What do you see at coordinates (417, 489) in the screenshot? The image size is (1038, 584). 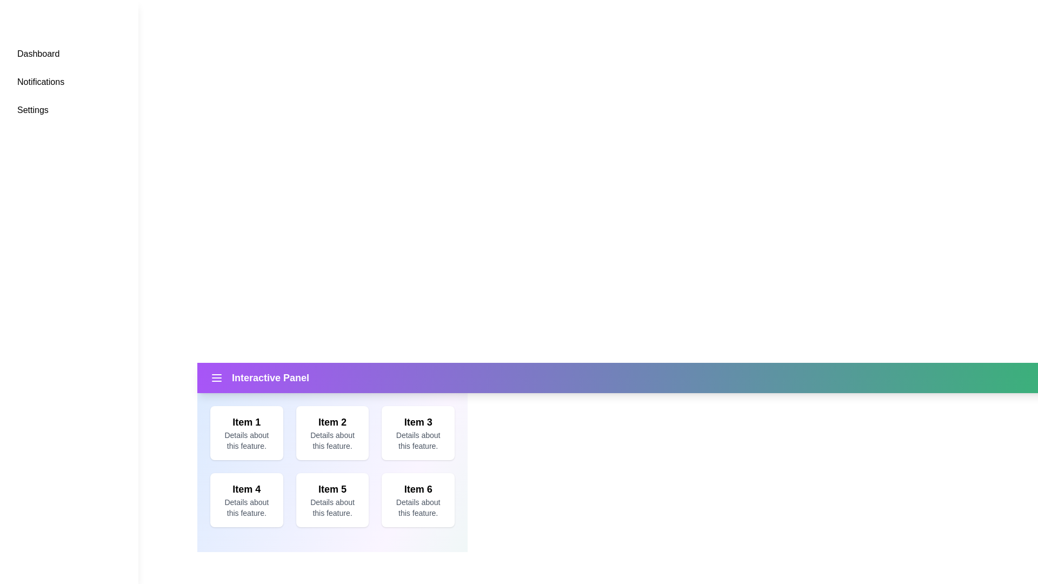 I see `the text label displaying 'Item 6', which is styled with a bold font and positioned in the bottom-right corner of a 2x3 grid layout` at bounding box center [417, 489].